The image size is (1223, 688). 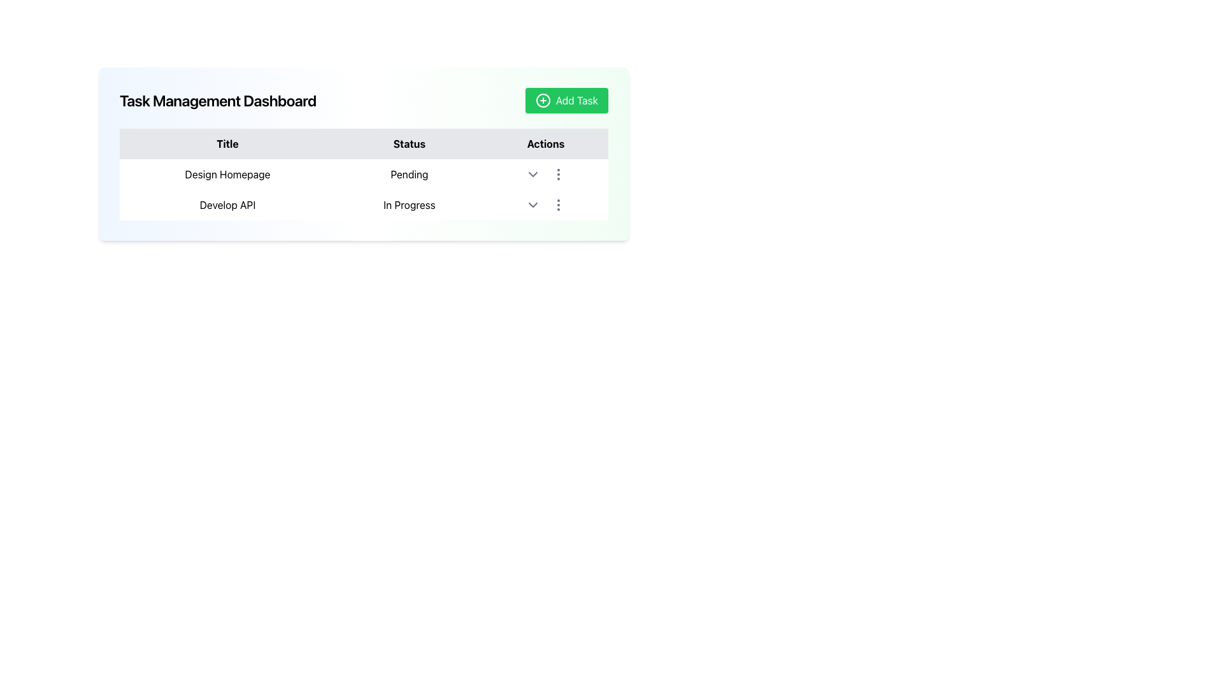 I want to click on the Text Label element that displays 'Task Management Dashboard', which is a prominent header at the top-left section of the interface, so click(x=218, y=100).